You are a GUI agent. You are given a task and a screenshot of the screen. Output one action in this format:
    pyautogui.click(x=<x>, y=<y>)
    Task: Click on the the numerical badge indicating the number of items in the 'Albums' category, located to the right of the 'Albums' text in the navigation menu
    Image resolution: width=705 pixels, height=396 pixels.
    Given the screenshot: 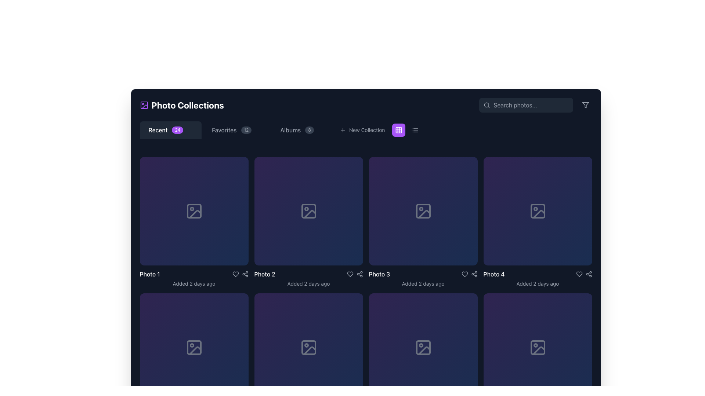 What is the action you would take?
    pyautogui.click(x=310, y=129)
    